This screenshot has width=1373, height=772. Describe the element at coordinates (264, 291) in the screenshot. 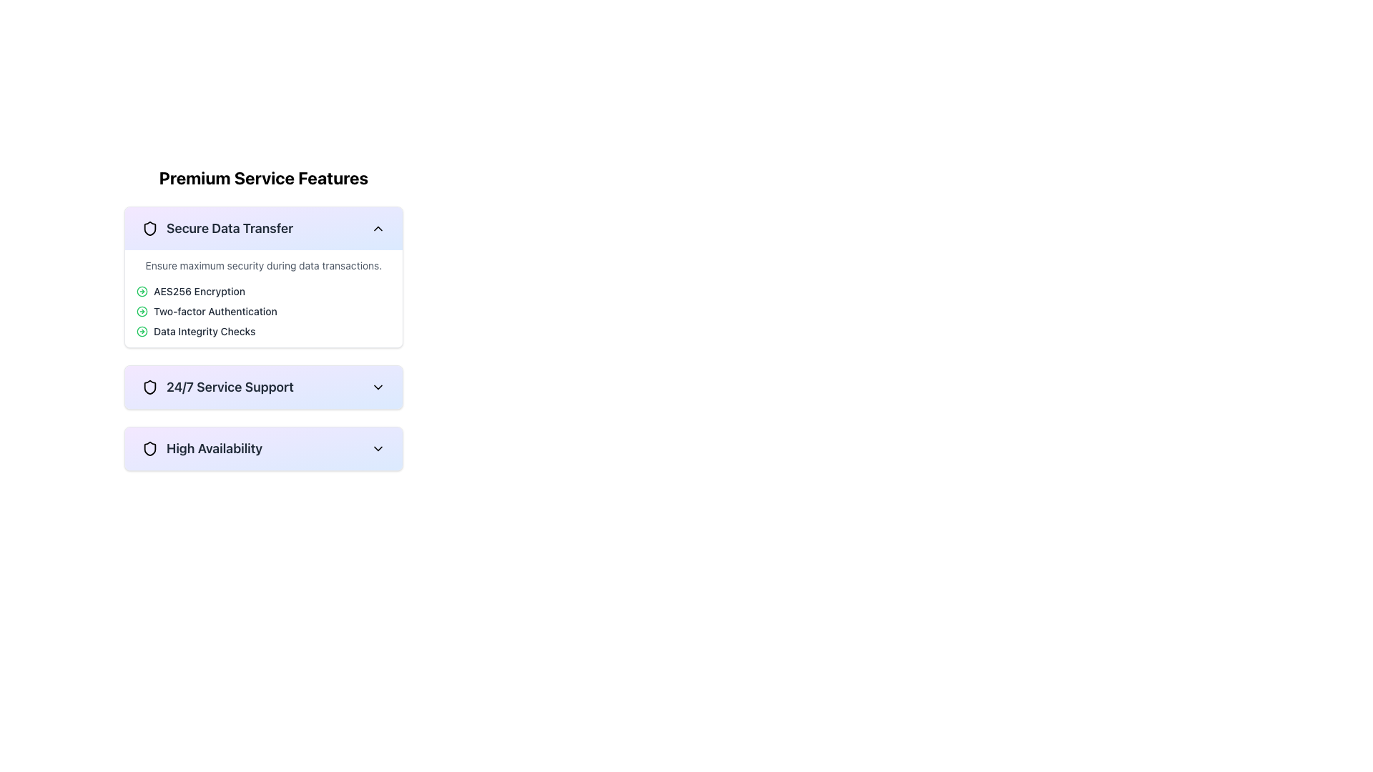

I see `the first list item titled 'AES256 Encryption' in the 'Secure Data Transfer' section if it has interactive functionality` at that location.